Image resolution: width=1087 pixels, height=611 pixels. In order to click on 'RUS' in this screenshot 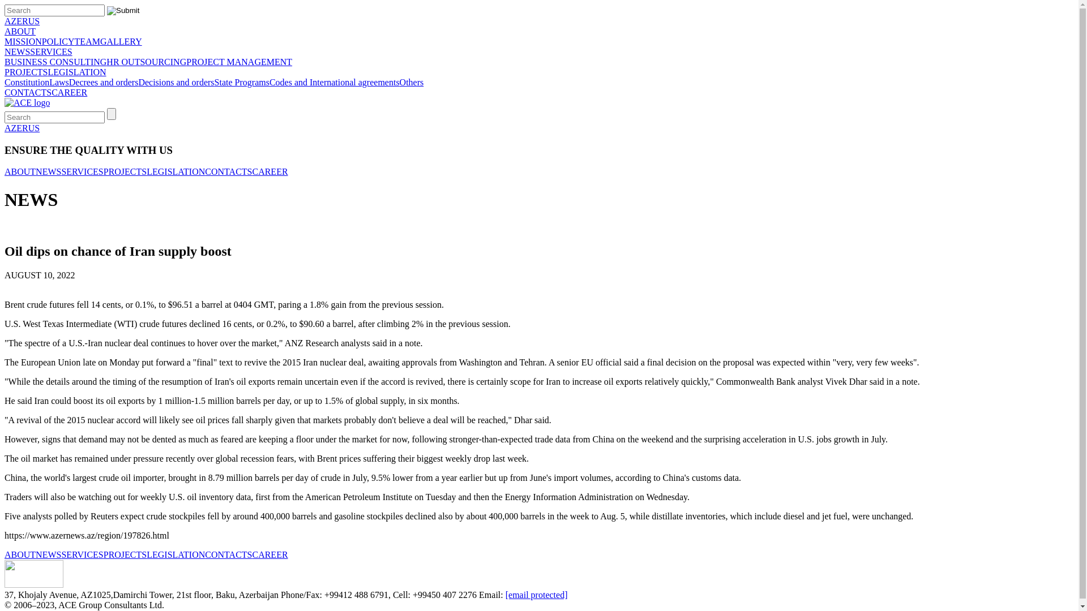, I will do `click(31, 21)`.